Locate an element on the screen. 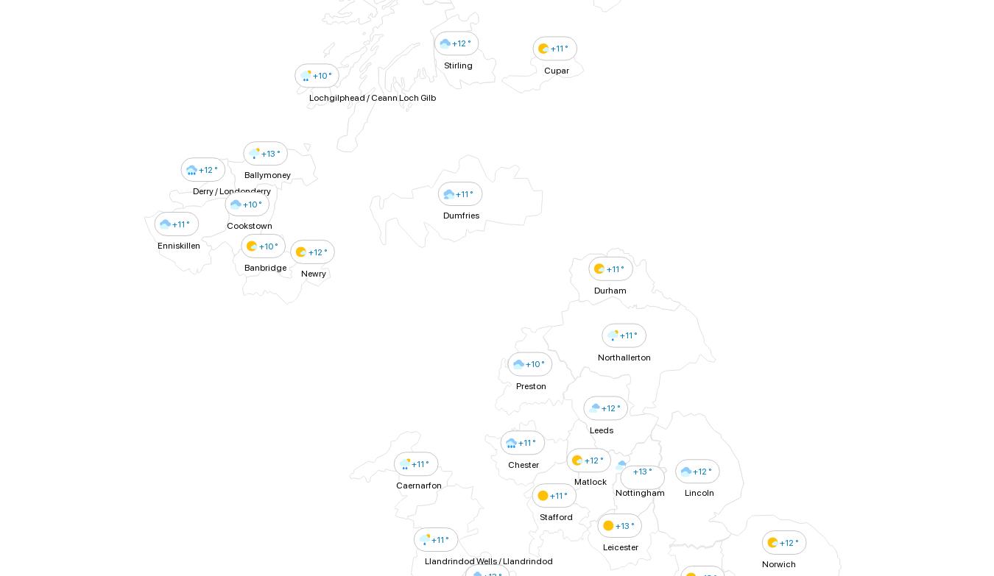  'Newry' is located at coordinates (300, 274).